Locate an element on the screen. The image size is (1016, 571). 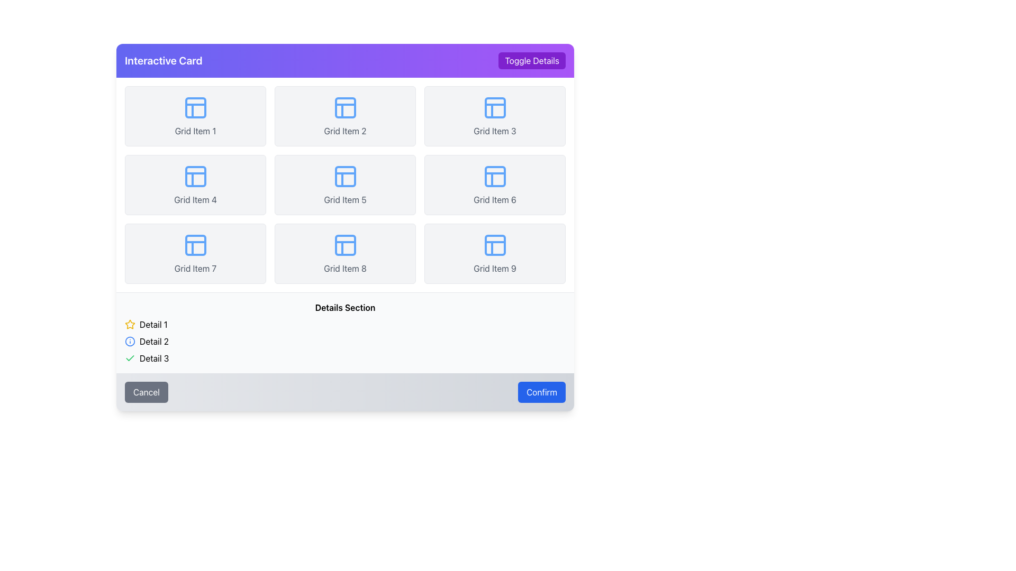
the blue SVG icon representing a diagram within the grid item labeled 'Grid Item 4', located in the second row and first column of the grid is located at coordinates (195, 176).